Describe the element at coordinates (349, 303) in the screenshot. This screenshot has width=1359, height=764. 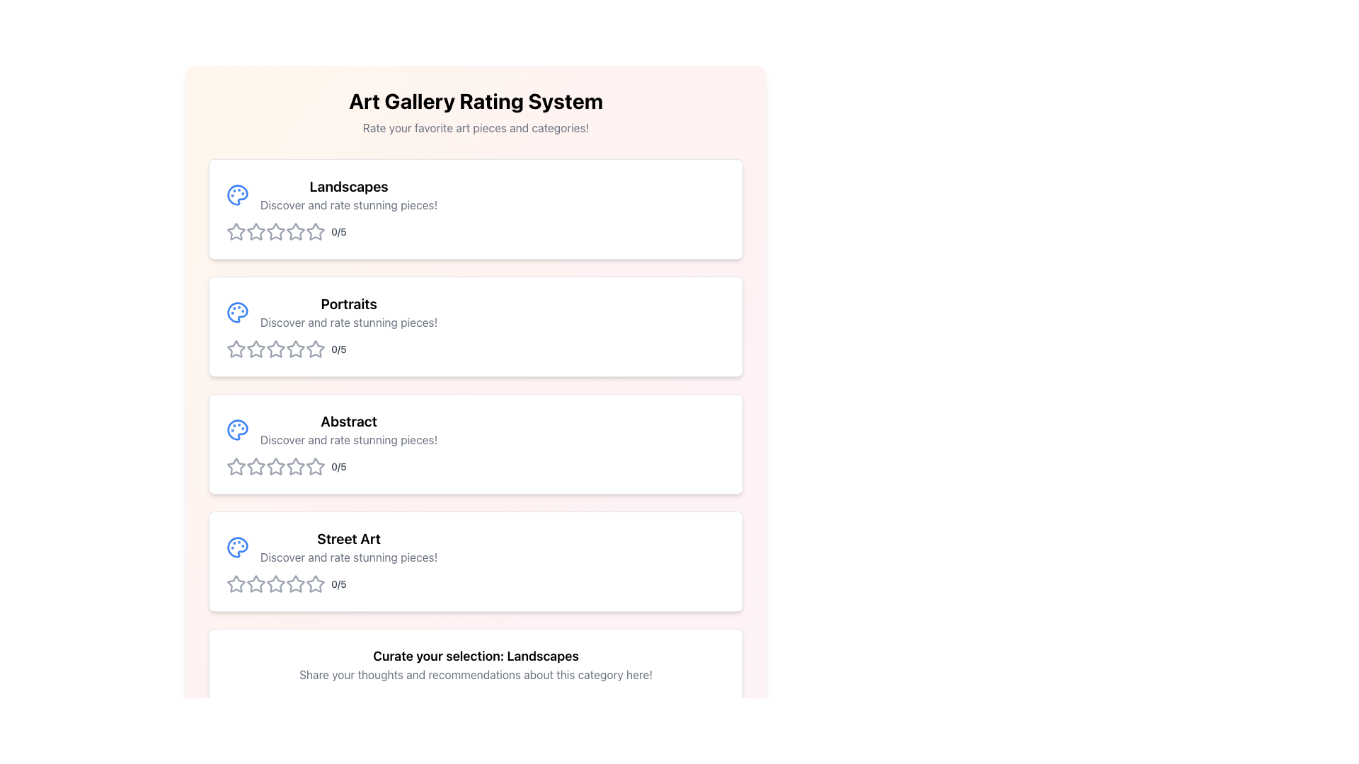
I see `the Text Label that serves as the header title for the 'Portraits' category, indicating the type of artwork displayed in this section` at that location.